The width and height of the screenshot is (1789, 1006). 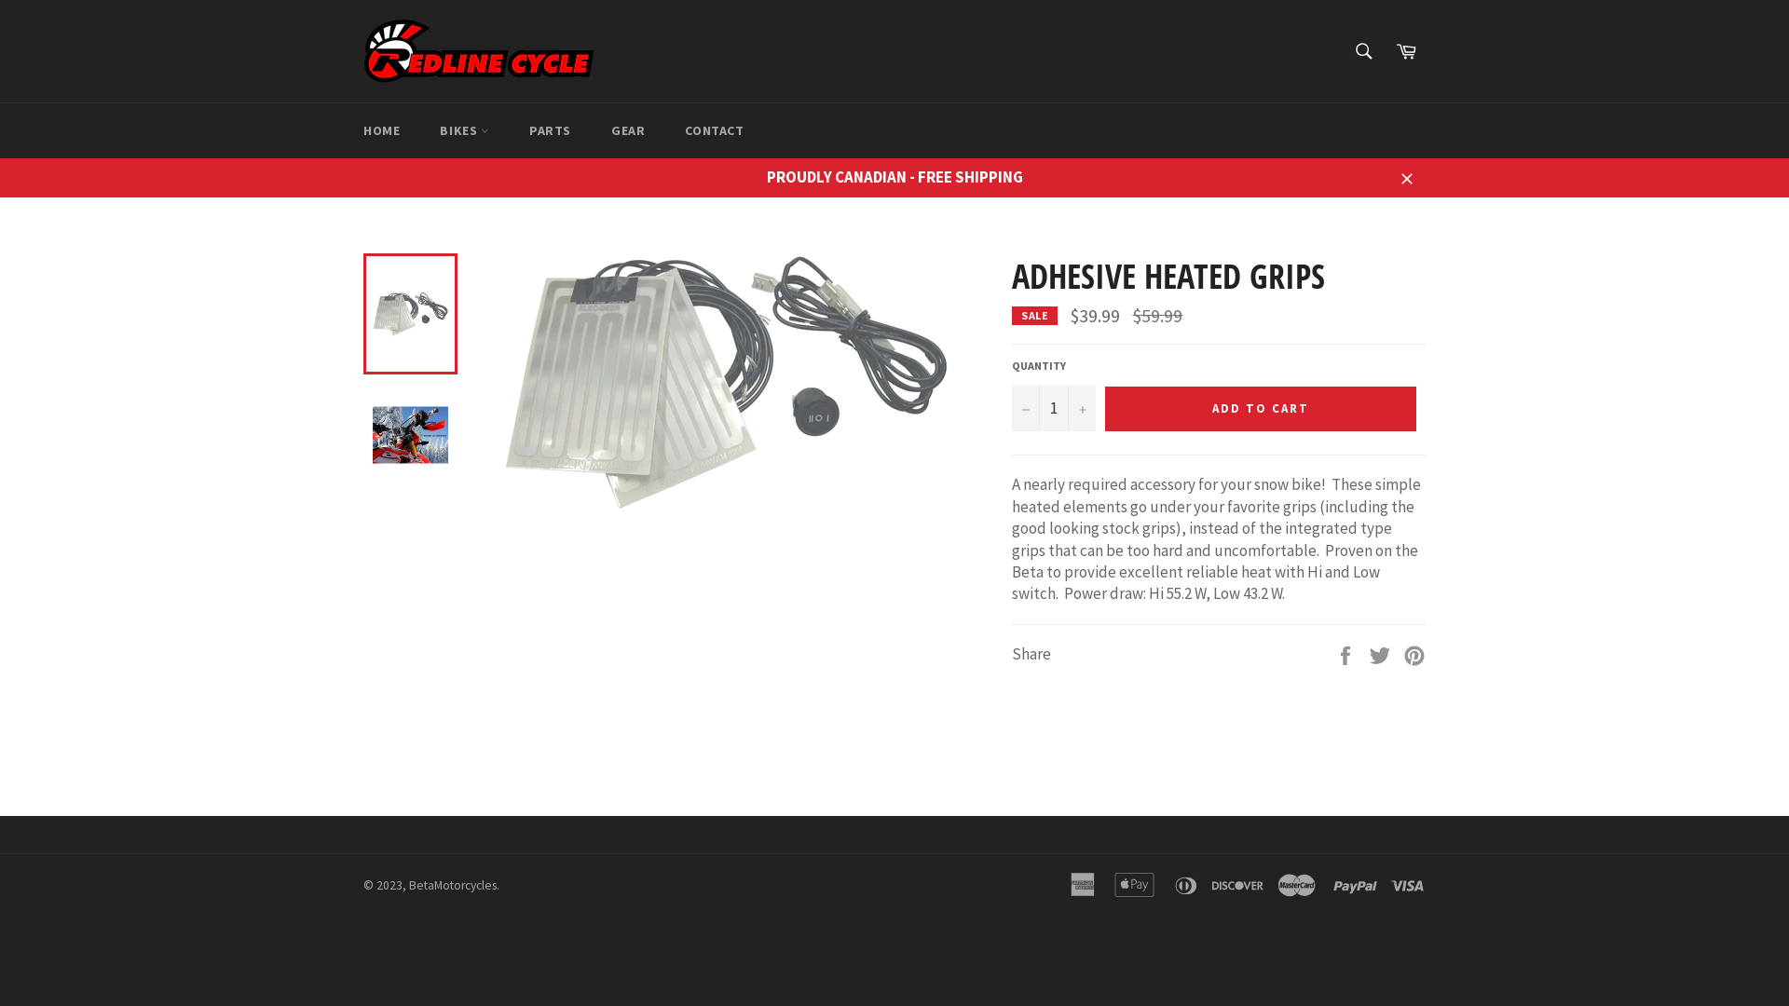 What do you see at coordinates (464, 129) in the screenshot?
I see `'BIKES'` at bounding box center [464, 129].